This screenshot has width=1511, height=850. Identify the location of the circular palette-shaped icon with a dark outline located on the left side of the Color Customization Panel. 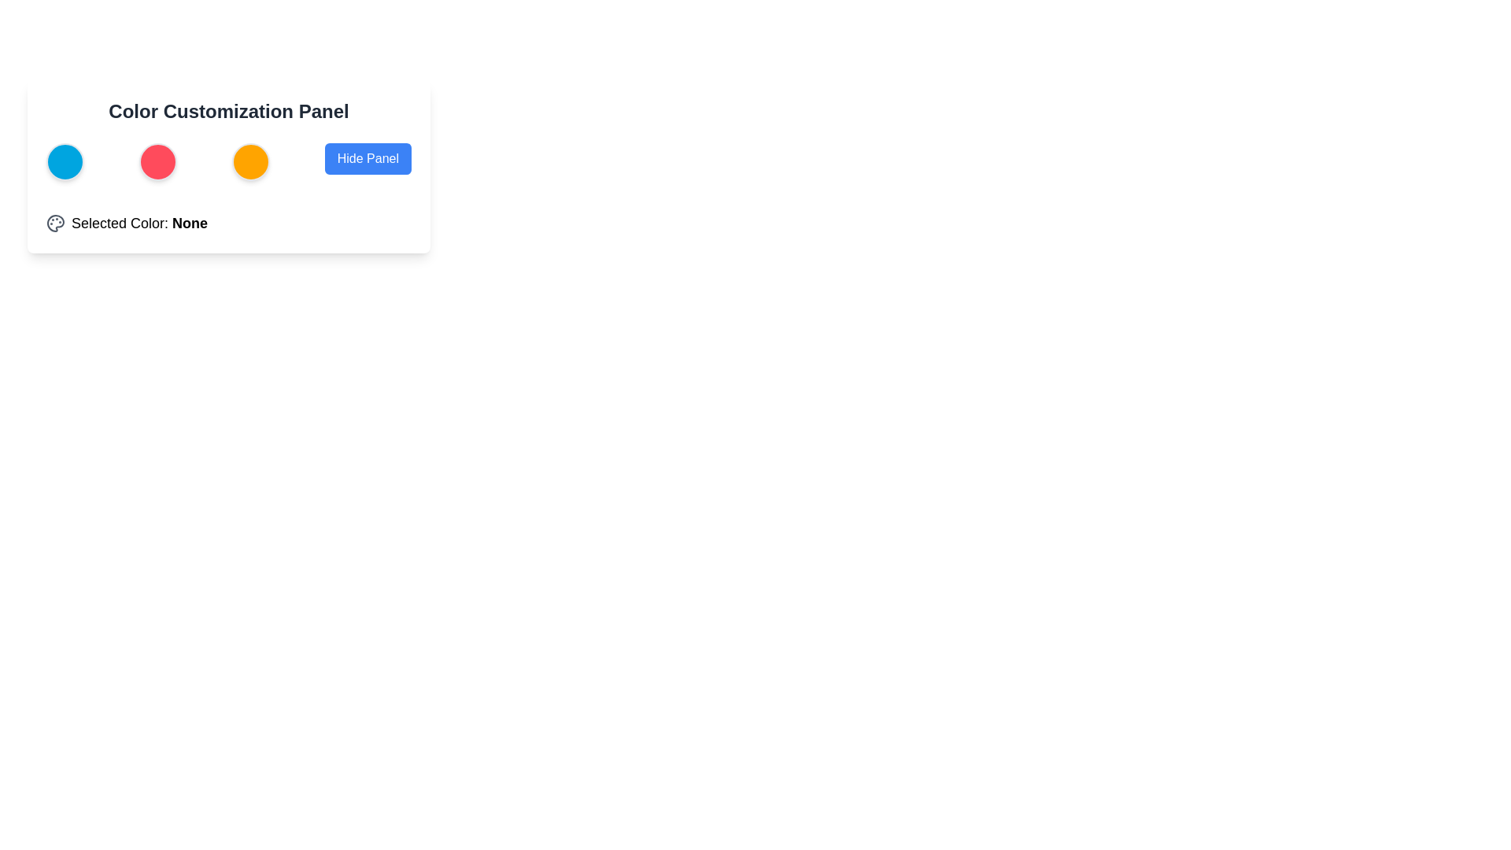
(56, 224).